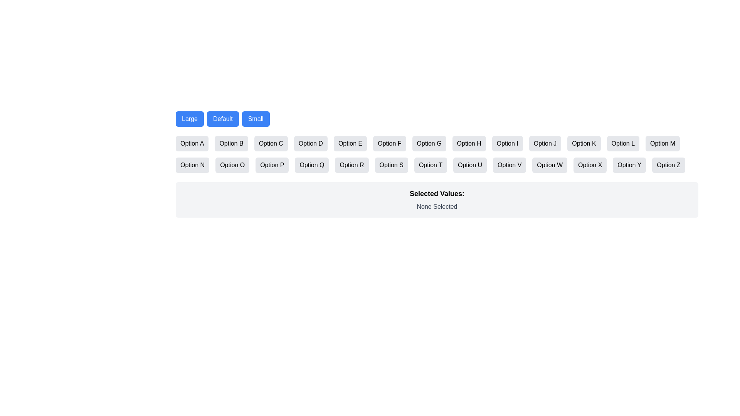 The height and width of the screenshot is (416, 740). Describe the element at coordinates (311, 144) in the screenshot. I see `the button labeled 'Option D'` at that location.